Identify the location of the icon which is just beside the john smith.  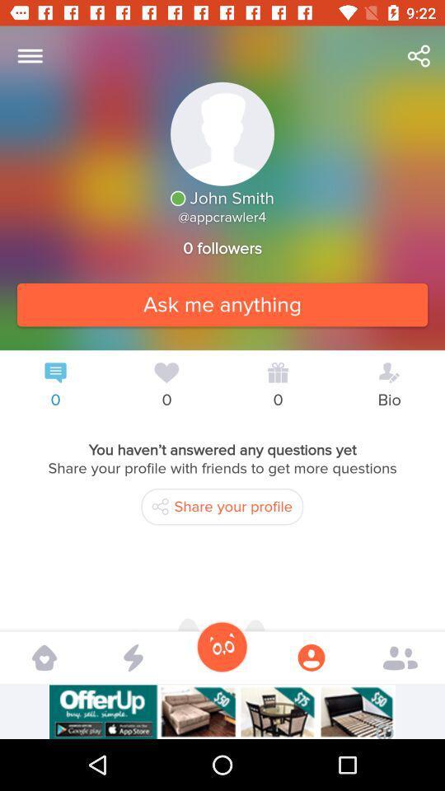
(177, 198).